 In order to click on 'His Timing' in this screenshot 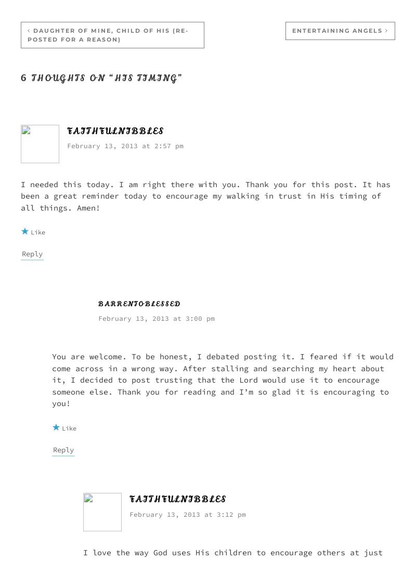, I will do `click(146, 77)`.